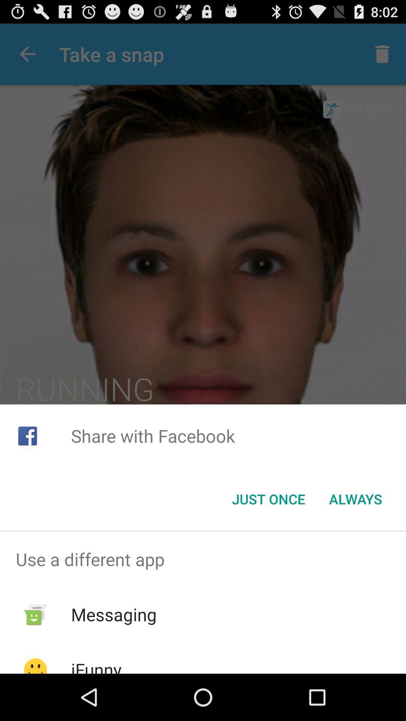  Describe the element at coordinates (114, 614) in the screenshot. I see `the messaging item` at that location.